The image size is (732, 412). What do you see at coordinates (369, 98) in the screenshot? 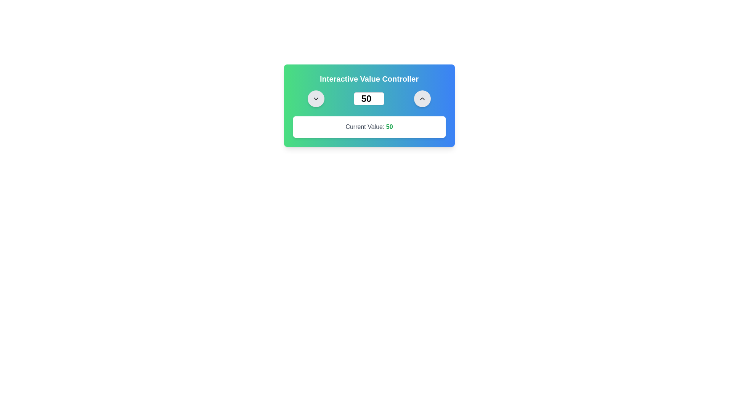
I see `the Text Input (Number Field) that allows users` at bounding box center [369, 98].